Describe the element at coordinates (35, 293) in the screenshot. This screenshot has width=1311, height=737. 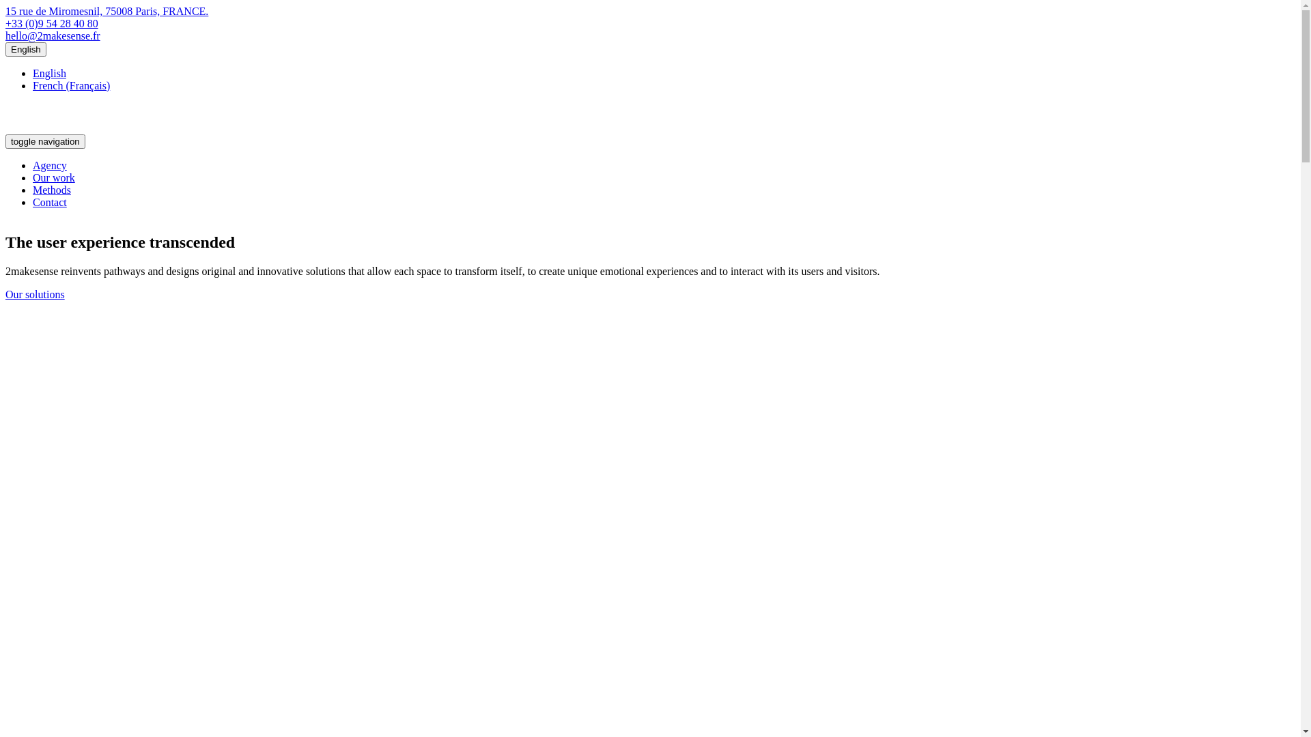
I see `'Our solutions'` at that location.